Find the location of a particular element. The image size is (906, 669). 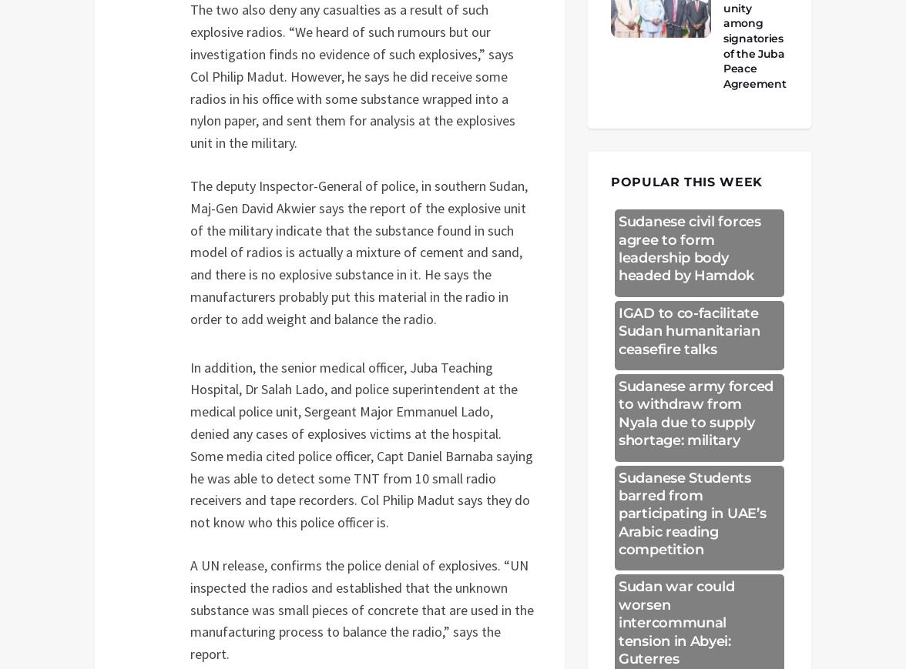

'In addition, the senior medical officer, Juba Teaching Hospital, Dr Salah Lado, and police superintendent at the medical police unit, Sergeant Major Emmanuel Lado, denied any cases of explosives victims at the hospital. Some media cited police officer, Capt Daniel Barnaba saying he was able to detect some TNT from 10 small radio receivers and tape recorders. Col Philip Madut says they do not know who this police officer is.' is located at coordinates (361, 444).